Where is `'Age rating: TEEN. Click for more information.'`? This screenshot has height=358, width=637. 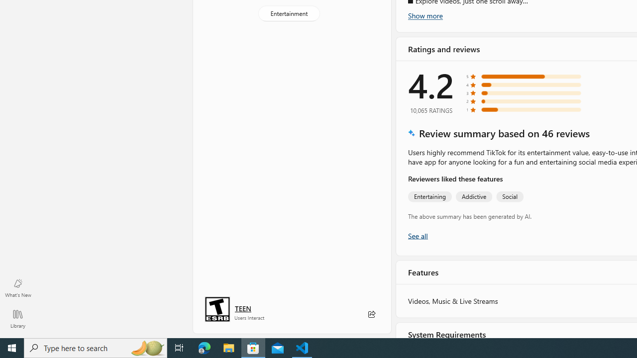
'Age rating: TEEN. Click for more information.' is located at coordinates (243, 307).